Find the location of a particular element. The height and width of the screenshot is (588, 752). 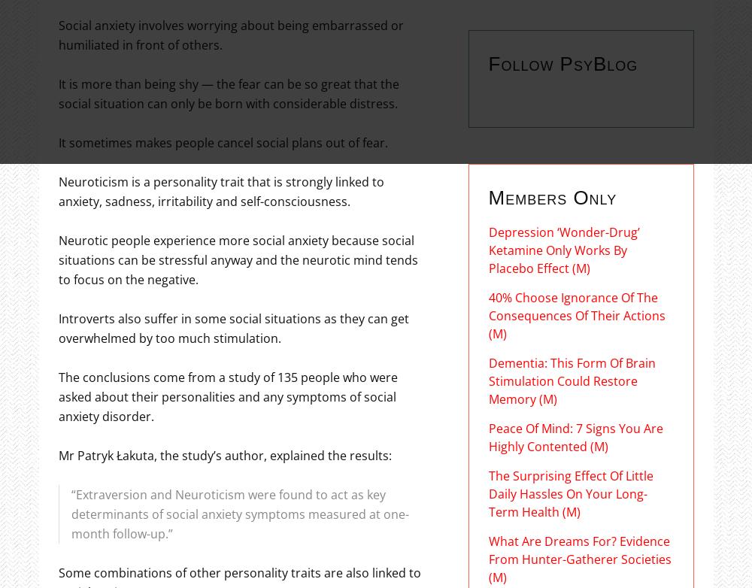

'Social anxiety involves worrying about being embarrassed or humiliated in front of others.' is located at coordinates (230, 34).